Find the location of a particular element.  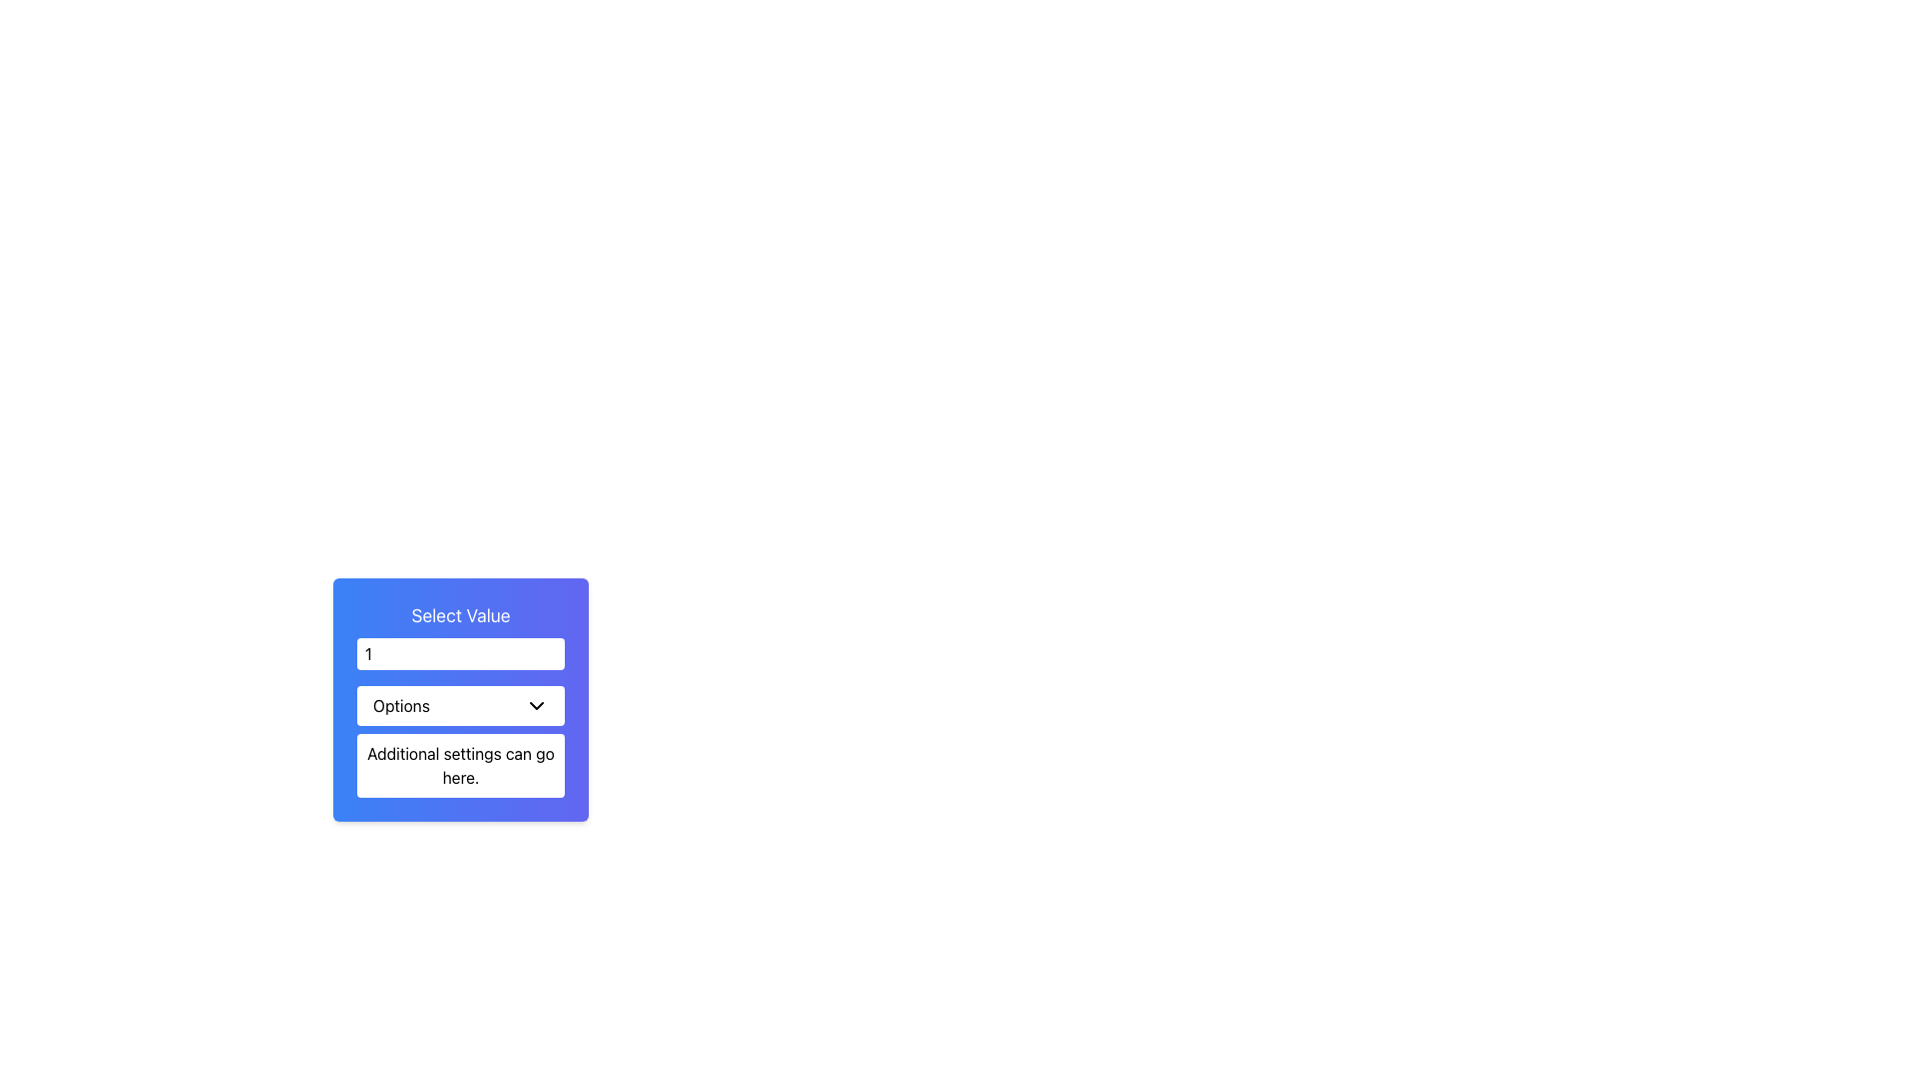

the Number Input Field located directly below the 'Select Value' title to focus on it is located at coordinates (459, 653).